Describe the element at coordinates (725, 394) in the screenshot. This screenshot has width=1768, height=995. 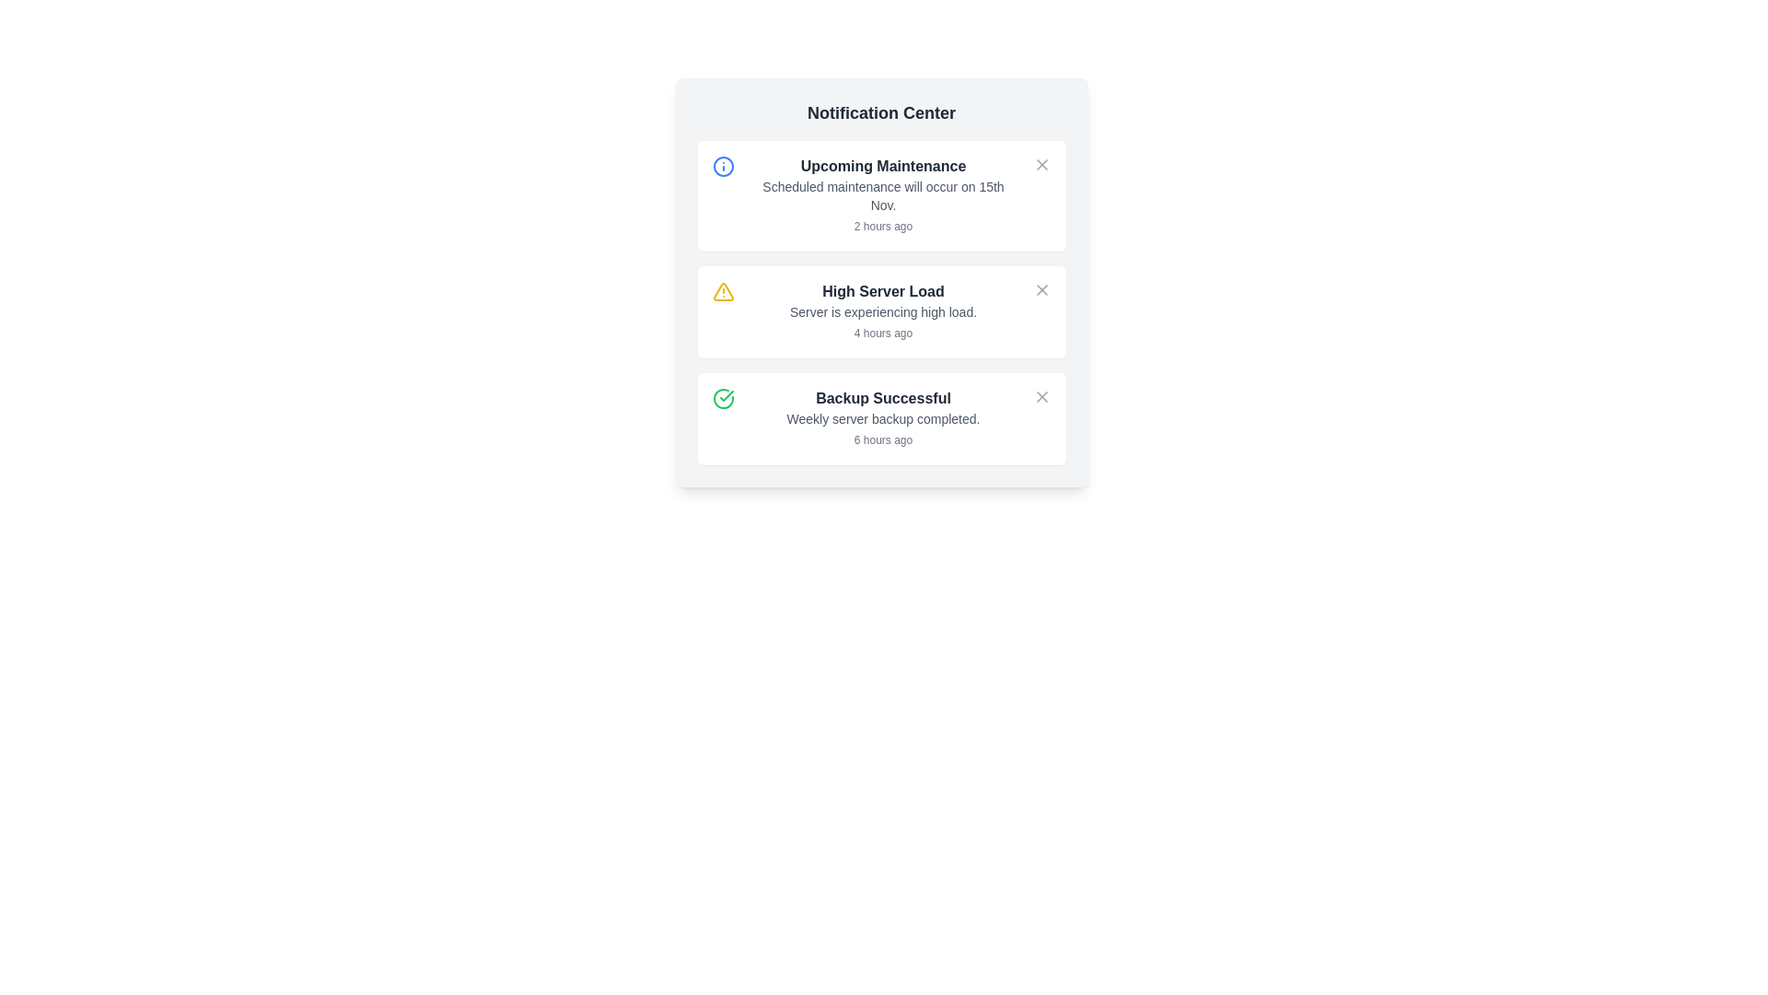
I see `green checkmark icon located in the bottom notification entry of the notification center panel, positioned to the left of the text content titled 'Backup Successful'` at that location.